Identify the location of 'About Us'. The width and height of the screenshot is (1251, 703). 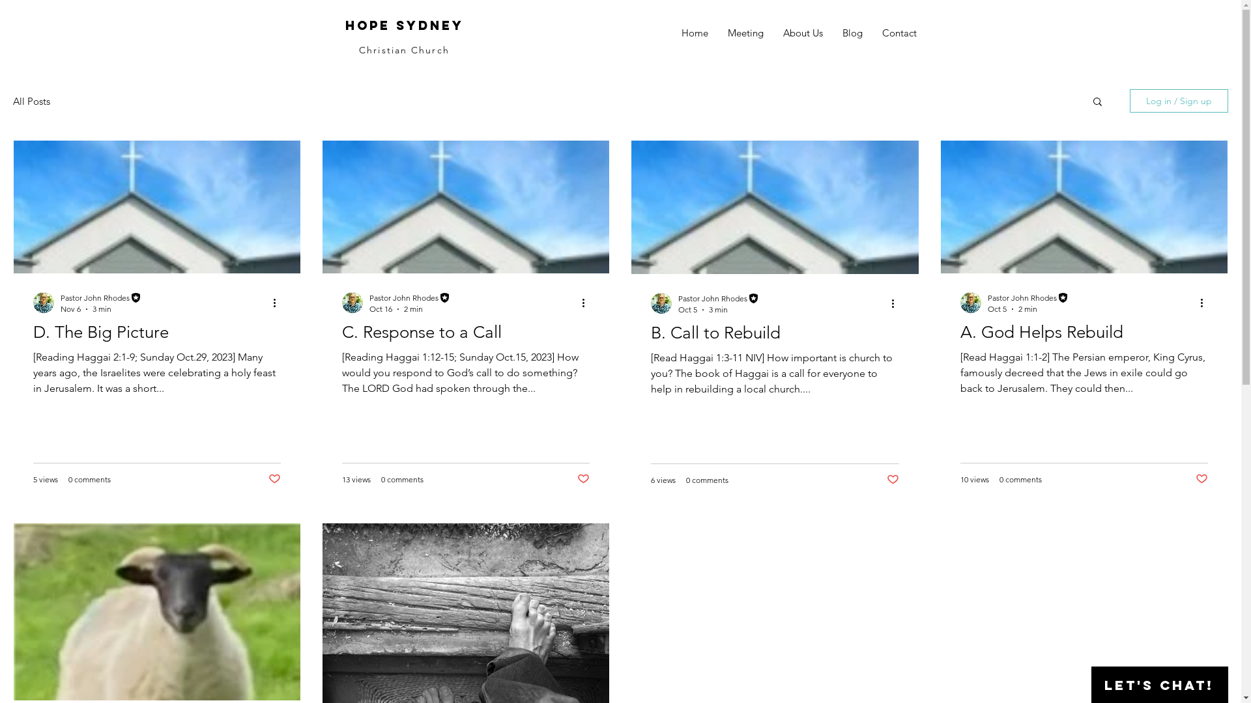
(801, 32).